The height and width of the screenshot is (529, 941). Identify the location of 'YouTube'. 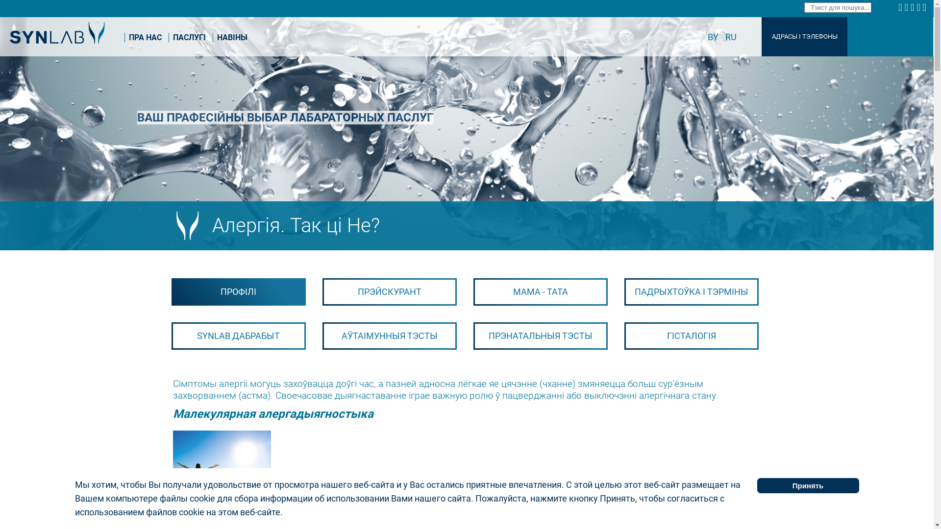
(925, 7).